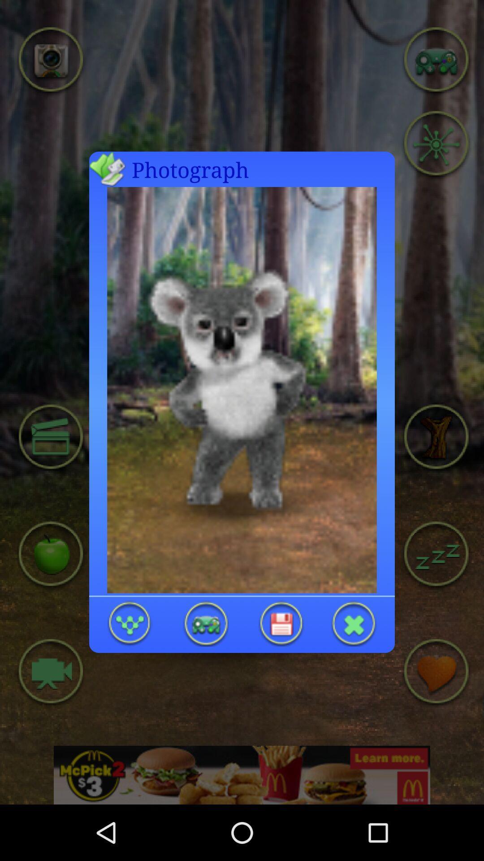  Describe the element at coordinates (354, 623) in the screenshot. I see `opened photo` at that location.